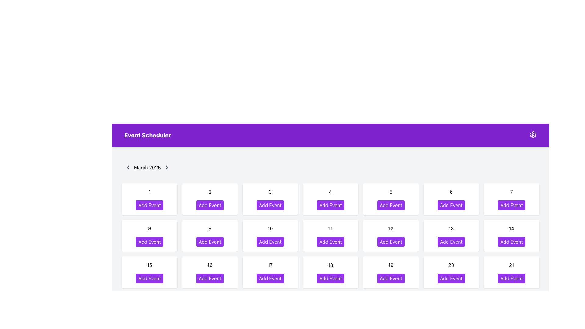  Describe the element at coordinates (210, 242) in the screenshot. I see `the button located in the calendar grid under date '9', which is in the third row and third column` at that location.